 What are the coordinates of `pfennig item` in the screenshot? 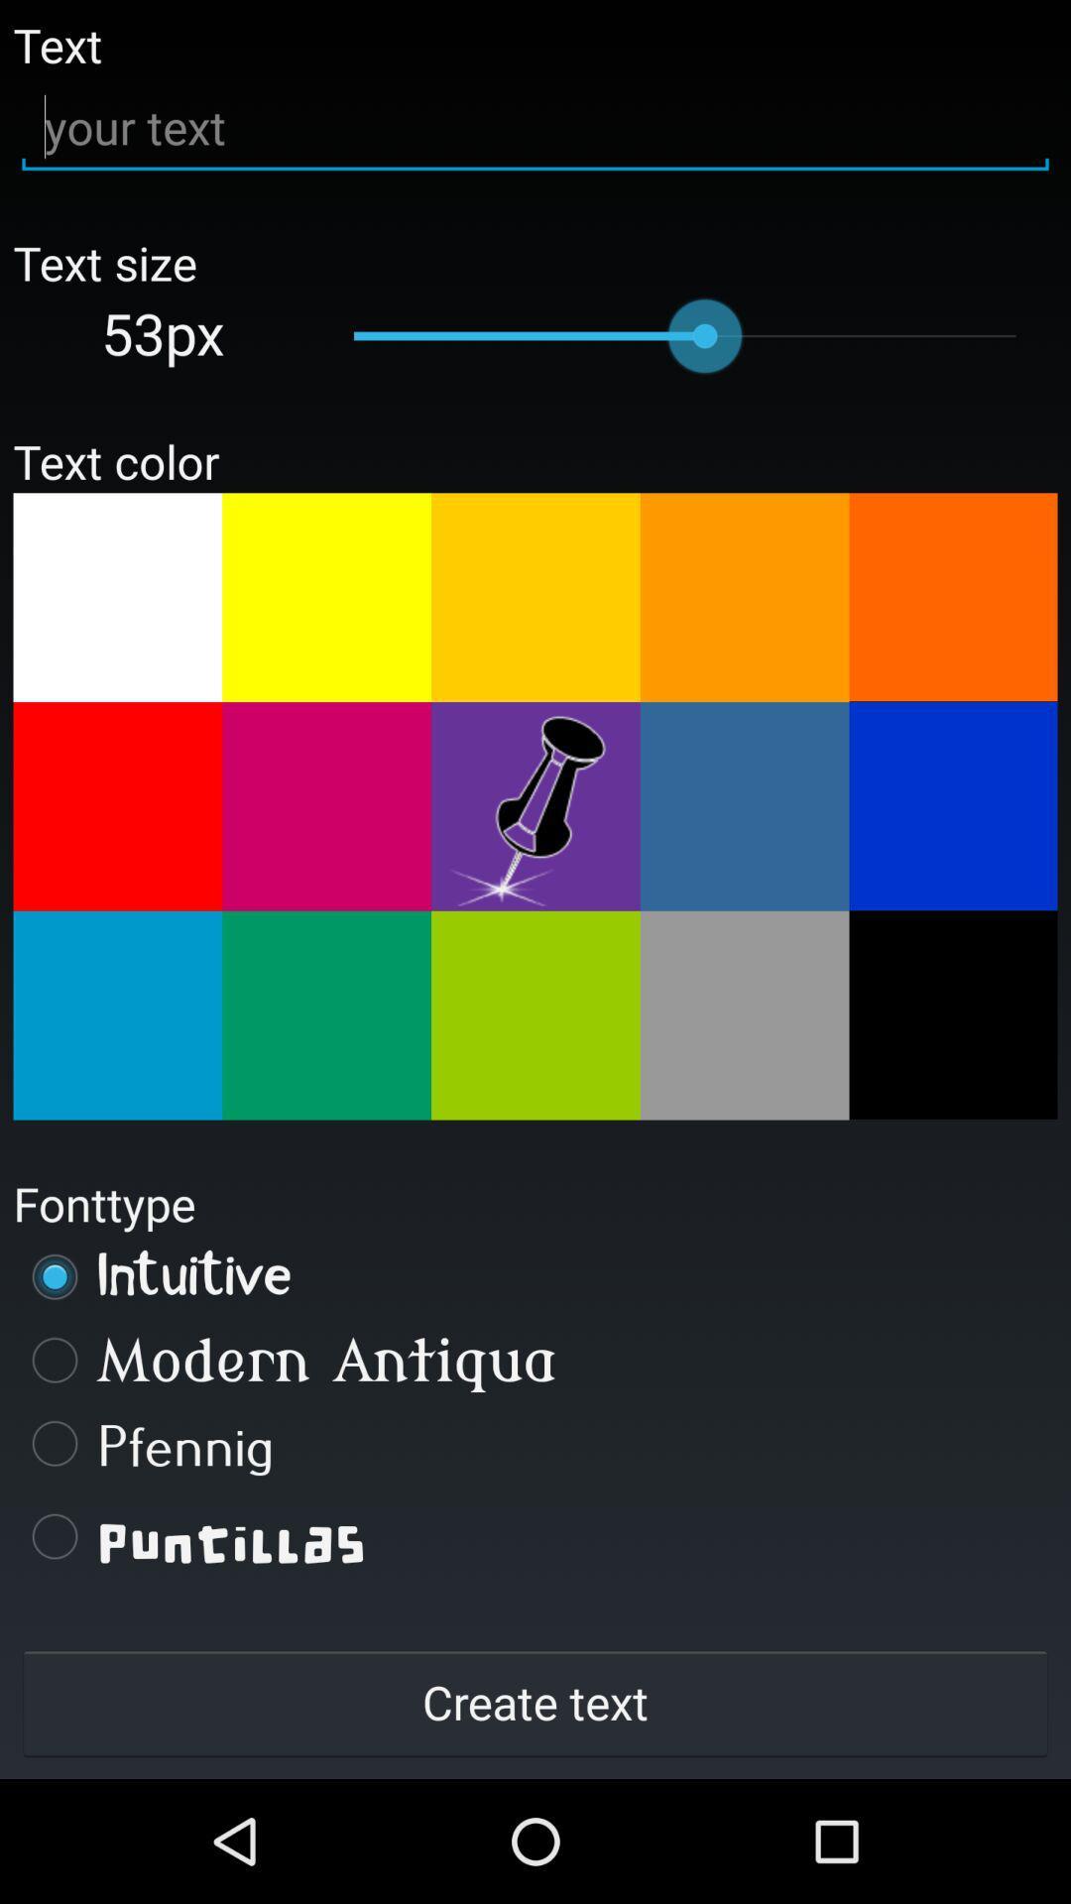 It's located at (535, 1443).